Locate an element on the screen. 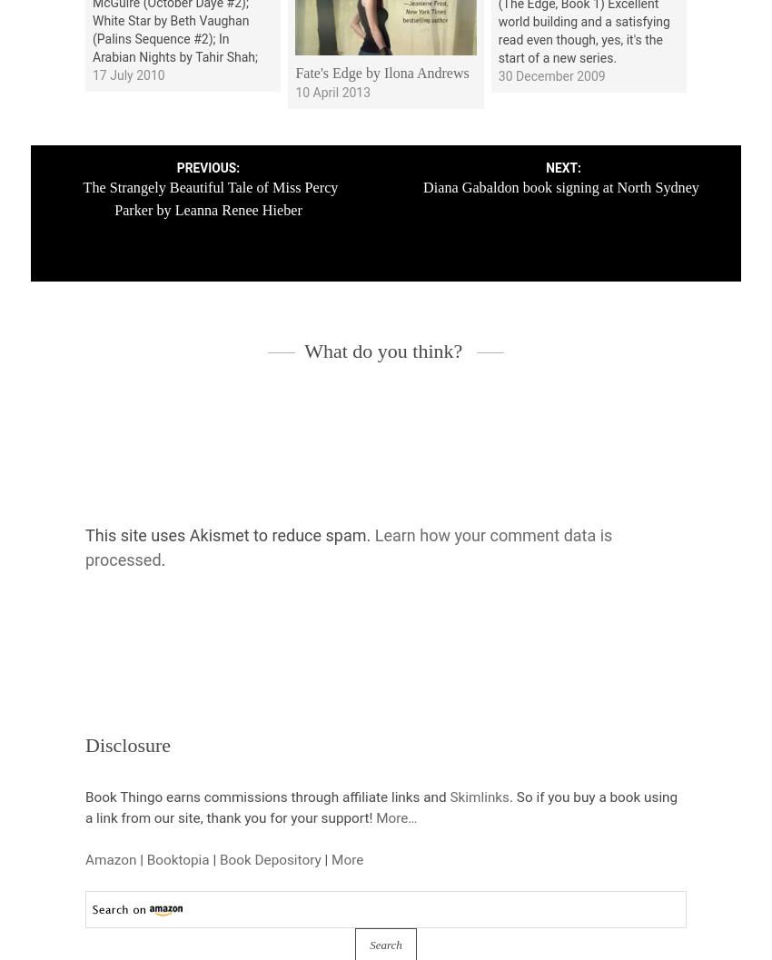 This screenshot has width=772, height=960. 'Book Depository' is located at coordinates (218, 859).